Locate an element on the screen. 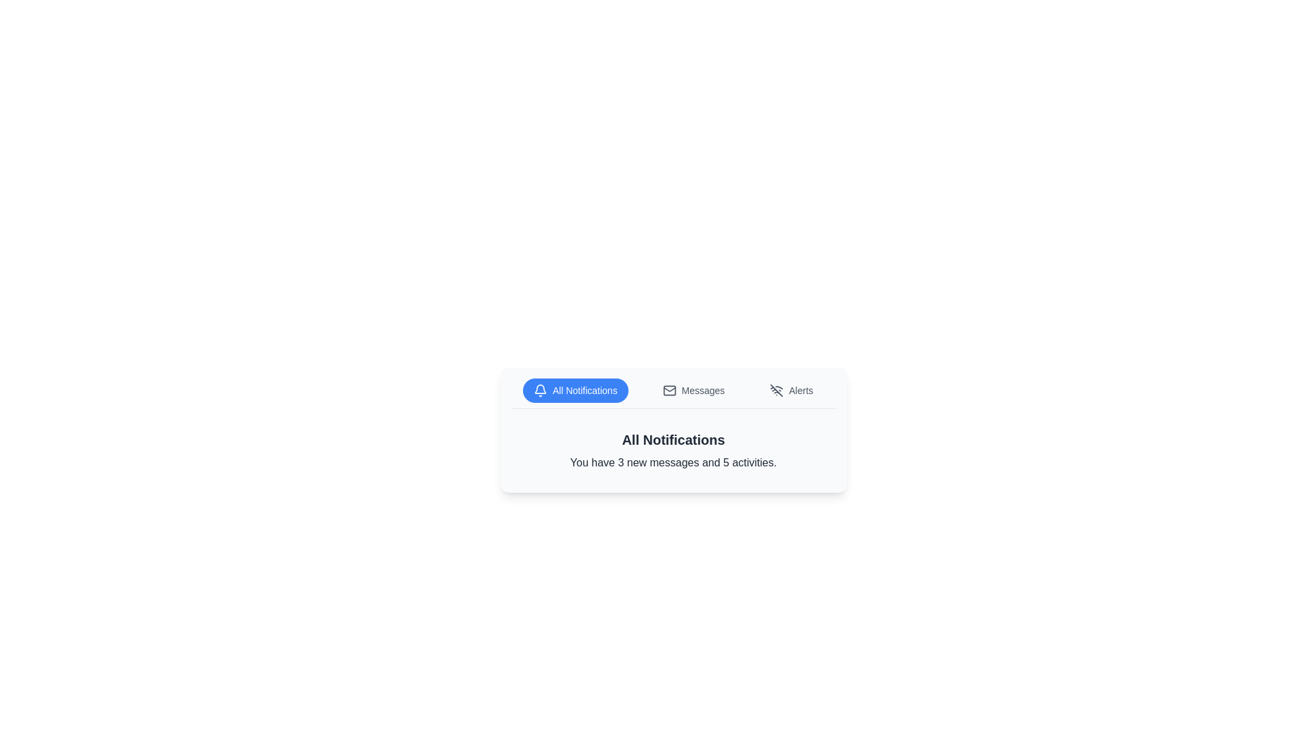  the navigation bar at the top-middle section of the card-like layout is located at coordinates (673, 393).